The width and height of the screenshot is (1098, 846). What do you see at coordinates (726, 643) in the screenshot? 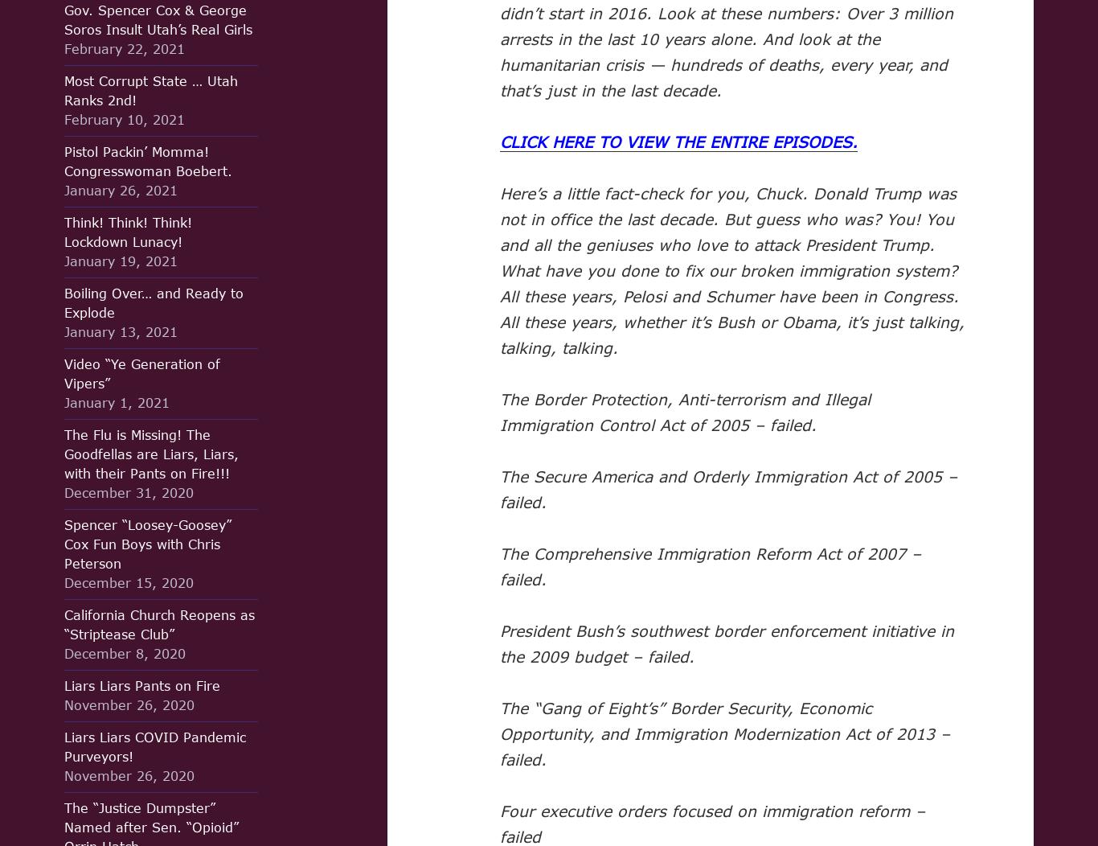
I see `'President Bush’s southwest border enforcement initiative in the 2009 budget – failed.'` at bounding box center [726, 643].